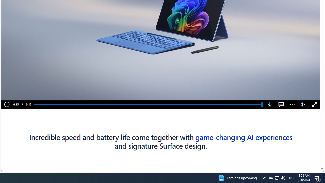 Image resolution: width=325 pixels, height=183 pixels. Describe the element at coordinates (270, 104) in the screenshot. I see `'Download'` at that location.